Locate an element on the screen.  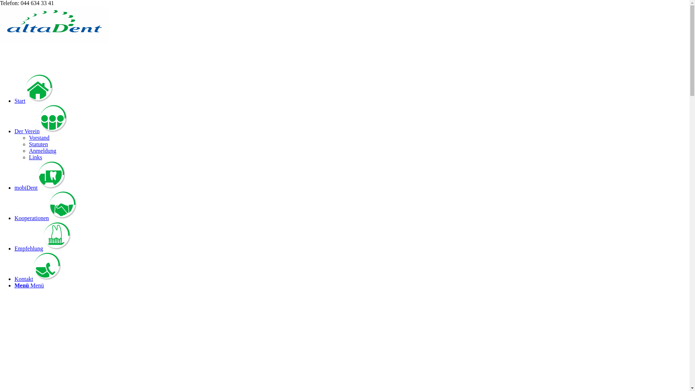
'Kooperationen' is located at coordinates (46, 218).